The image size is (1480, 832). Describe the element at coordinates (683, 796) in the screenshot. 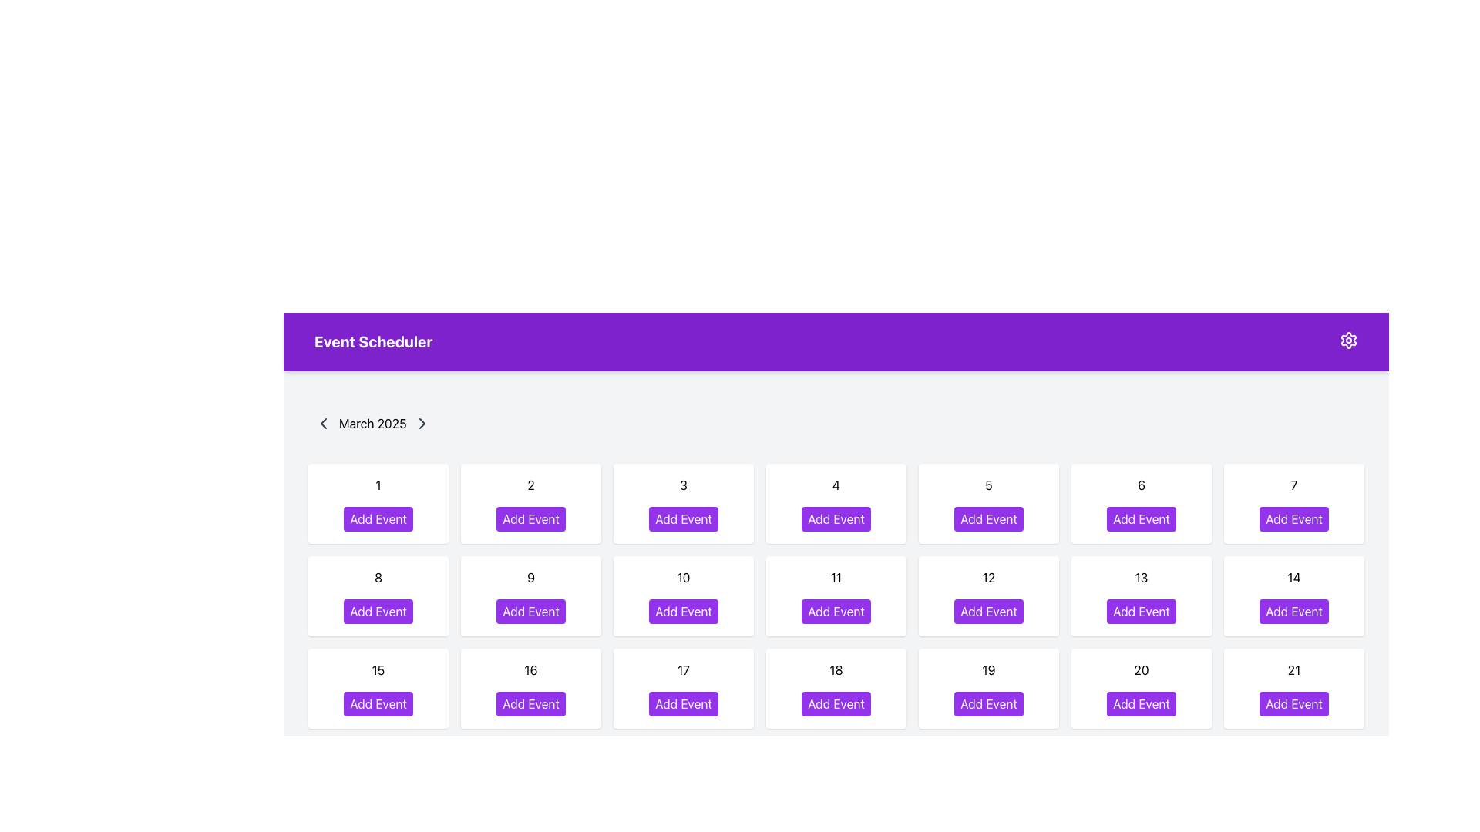

I see `the button in the calendar interface that allows the user` at that location.